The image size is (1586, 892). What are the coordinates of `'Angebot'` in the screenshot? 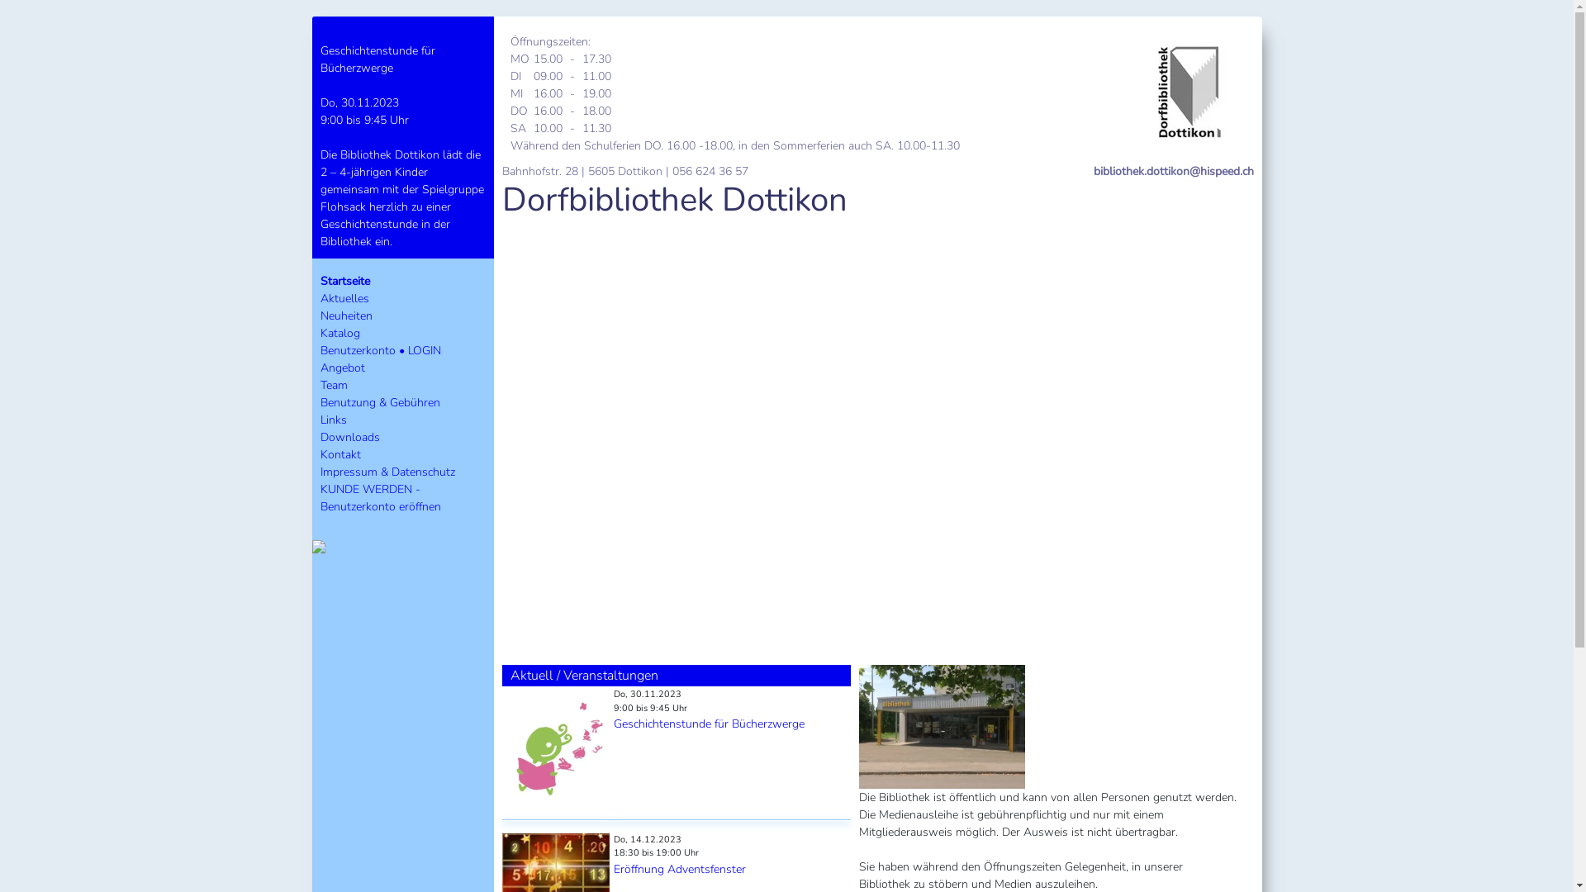 It's located at (341, 367).